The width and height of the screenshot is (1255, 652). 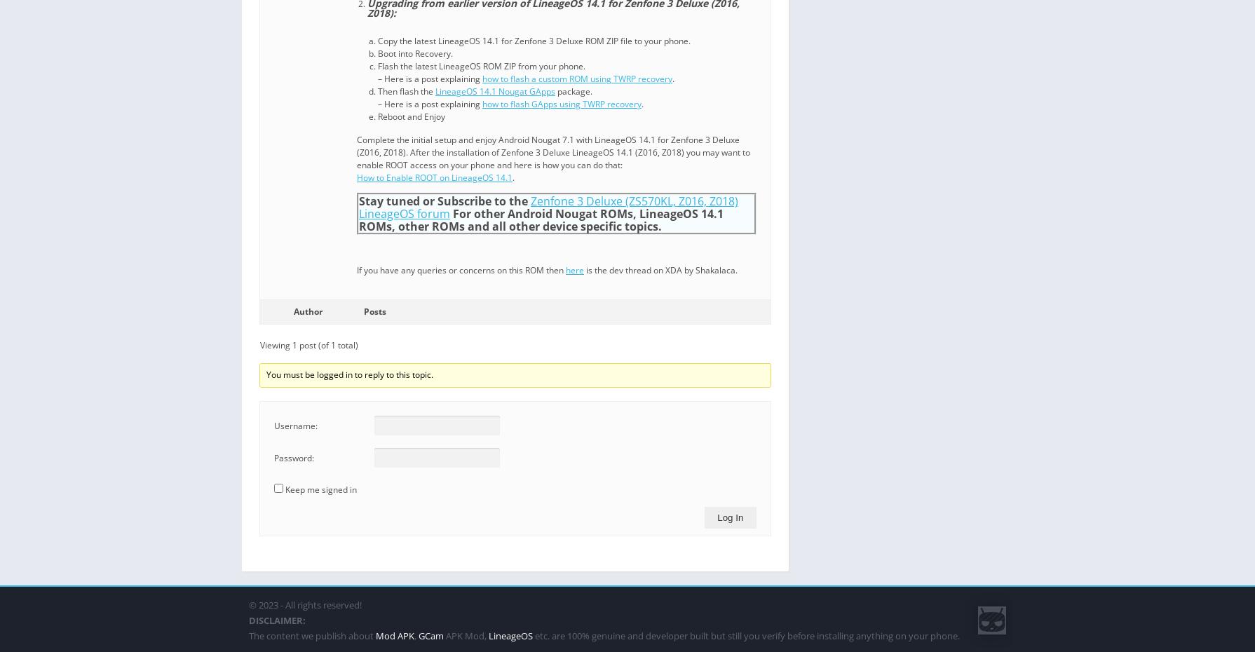 What do you see at coordinates (534, 40) in the screenshot?
I see `'Copy the latest LineageOS 14.1 for Zenfone 3 Deluxe ROM ZIP file to your phone.'` at bounding box center [534, 40].